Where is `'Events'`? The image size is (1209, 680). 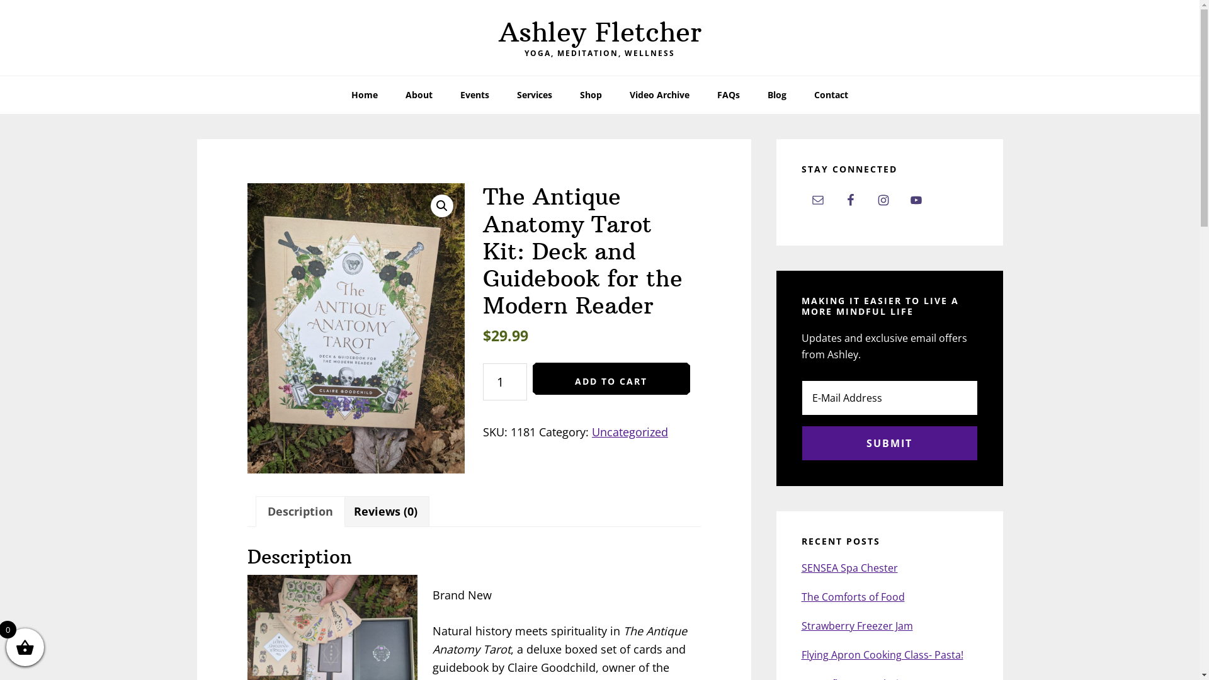 'Events' is located at coordinates (474, 94).